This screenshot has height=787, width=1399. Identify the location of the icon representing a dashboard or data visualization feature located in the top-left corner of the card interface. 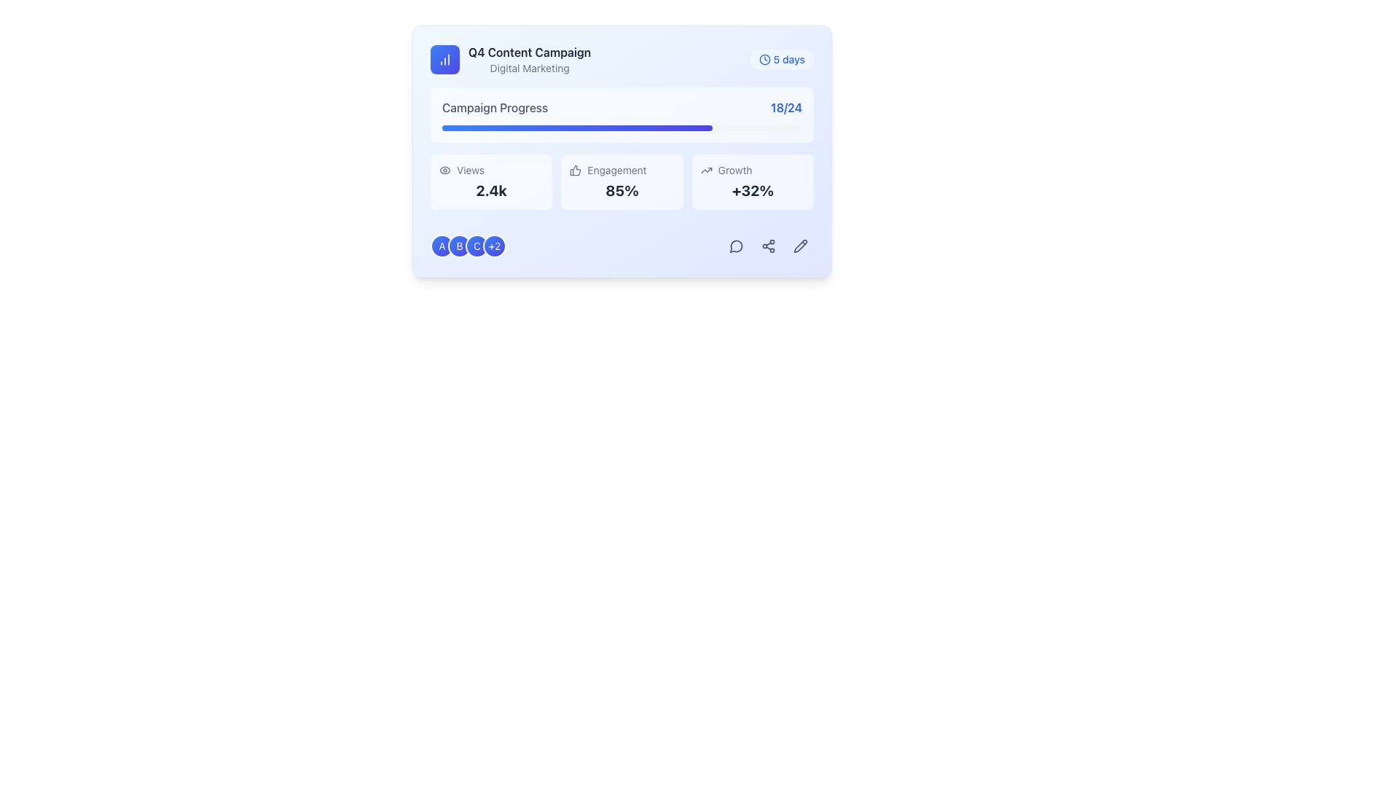
(444, 58).